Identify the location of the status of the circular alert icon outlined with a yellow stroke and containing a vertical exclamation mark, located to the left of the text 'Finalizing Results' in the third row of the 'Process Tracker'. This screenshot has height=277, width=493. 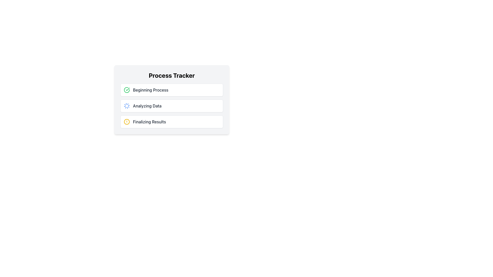
(127, 122).